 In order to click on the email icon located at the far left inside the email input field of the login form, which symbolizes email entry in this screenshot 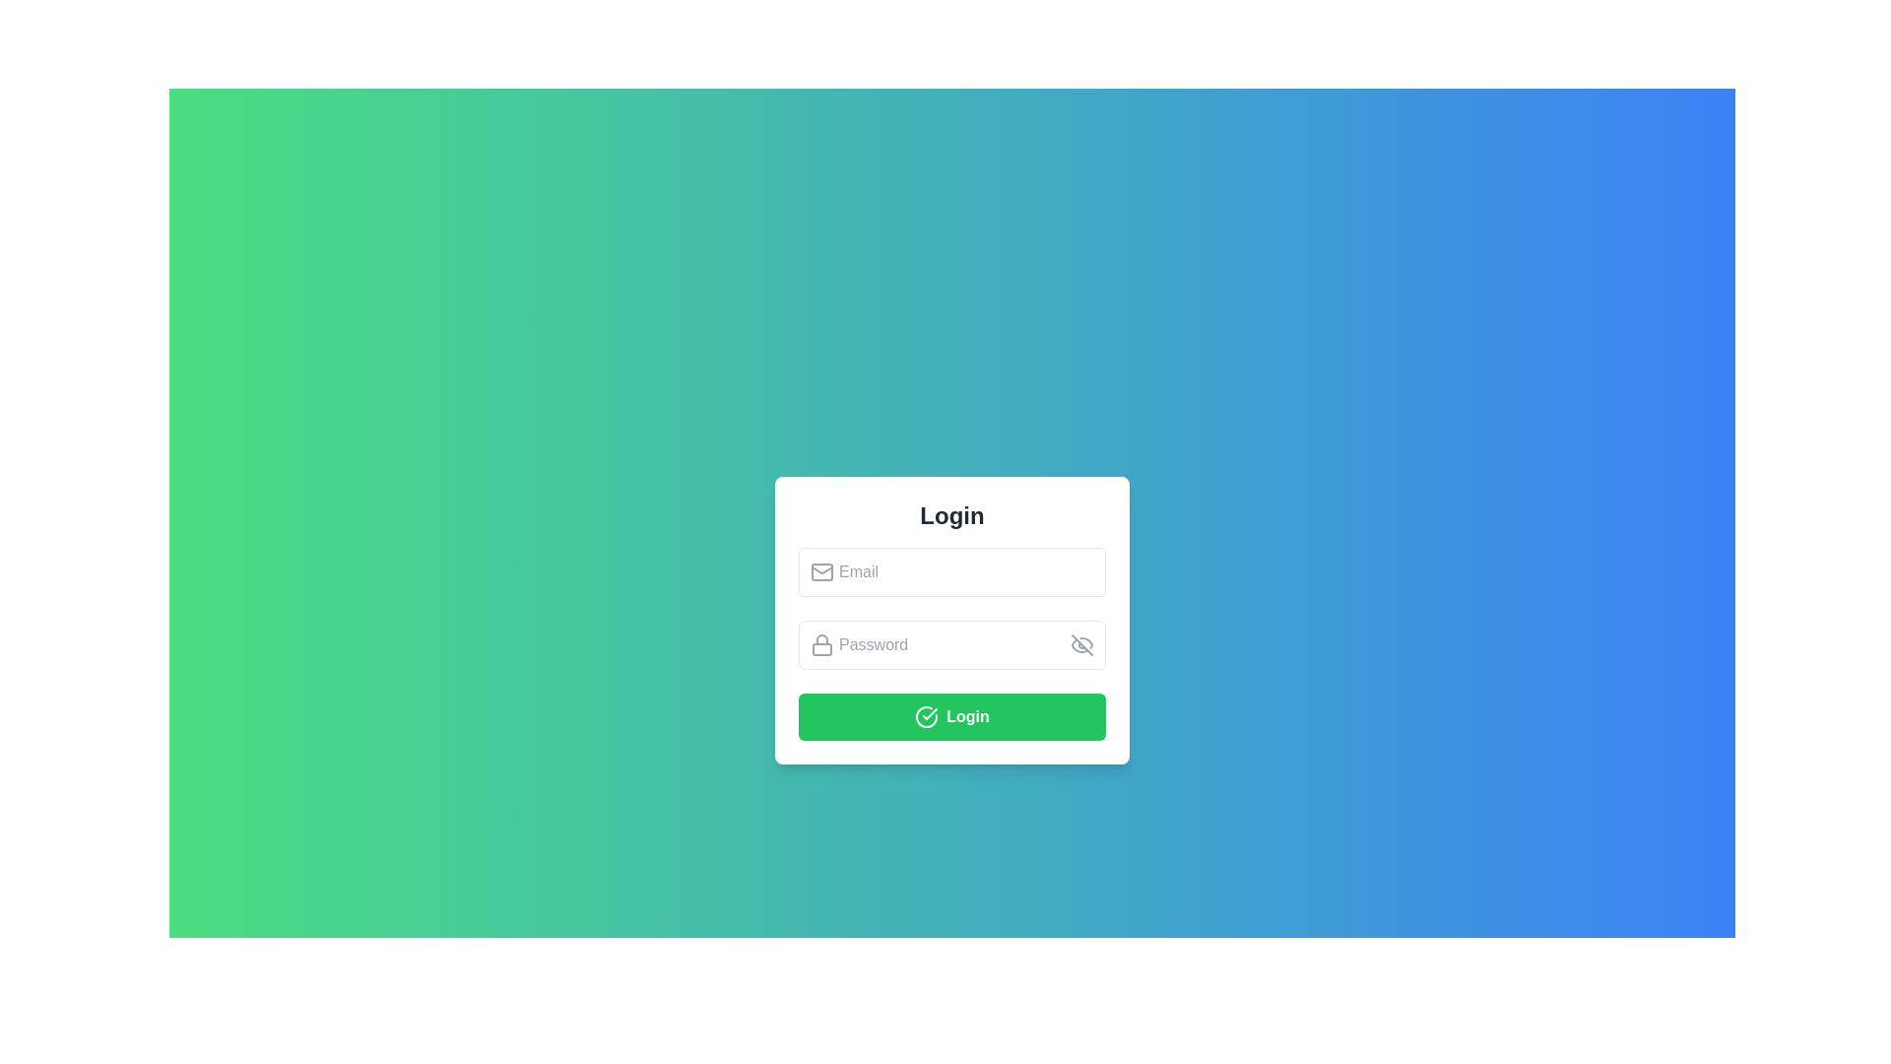, I will do `click(822, 570)`.